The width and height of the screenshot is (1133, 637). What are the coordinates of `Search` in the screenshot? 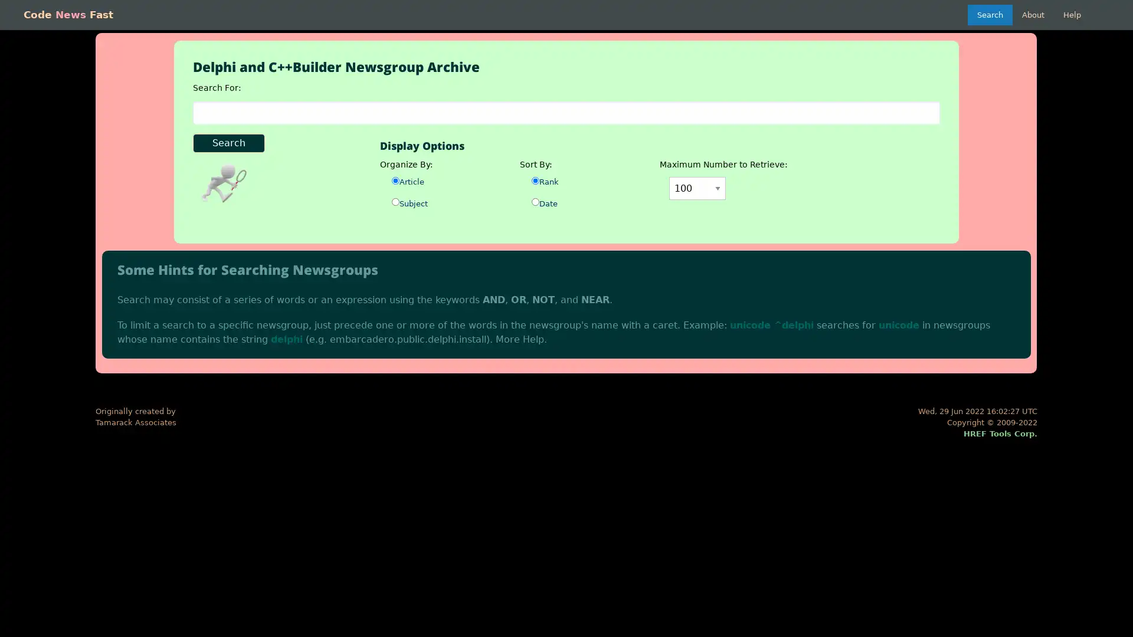 It's located at (229, 142).